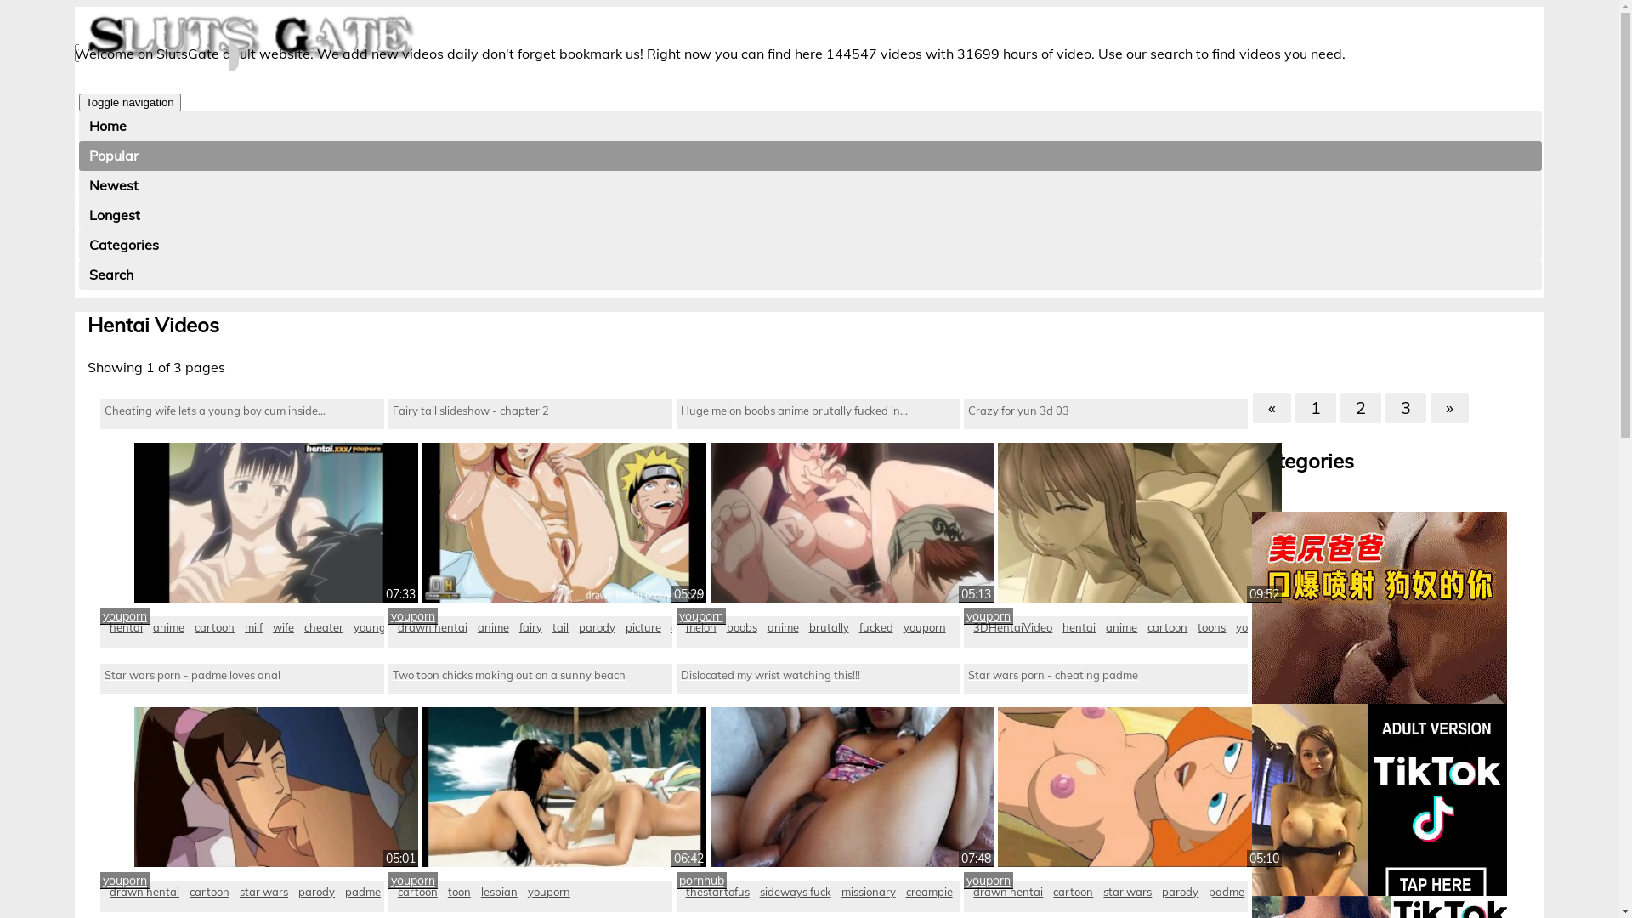  I want to click on 'pornhub', so click(677, 880).